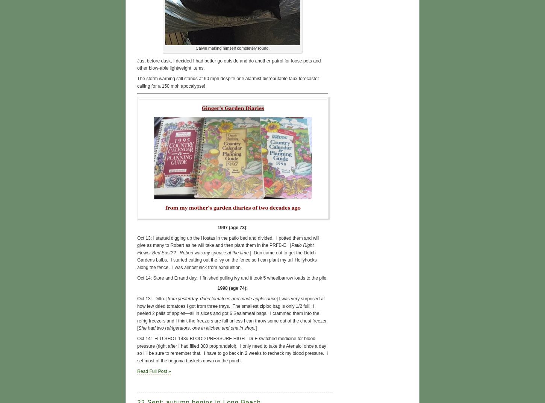  I want to click on 'Just before dusk, I decided I had better go outside and do another patrol for loose pots and other blow-able lightweight items.', so click(229, 64).